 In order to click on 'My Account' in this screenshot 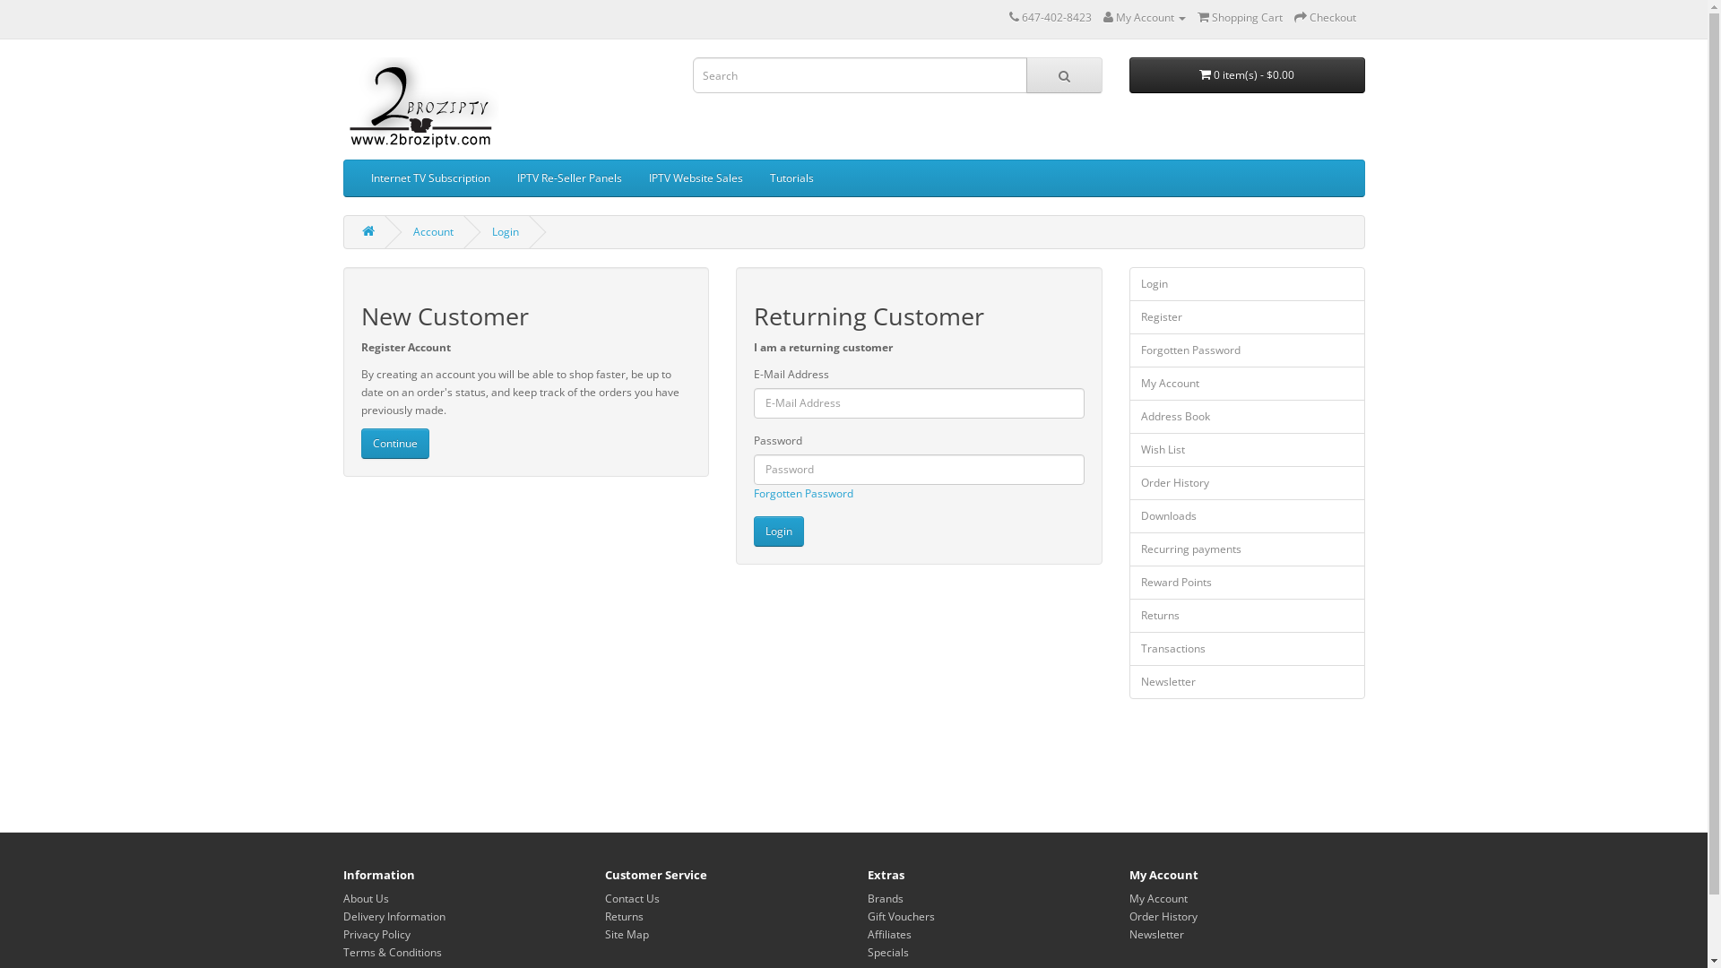, I will do `click(1143, 17)`.